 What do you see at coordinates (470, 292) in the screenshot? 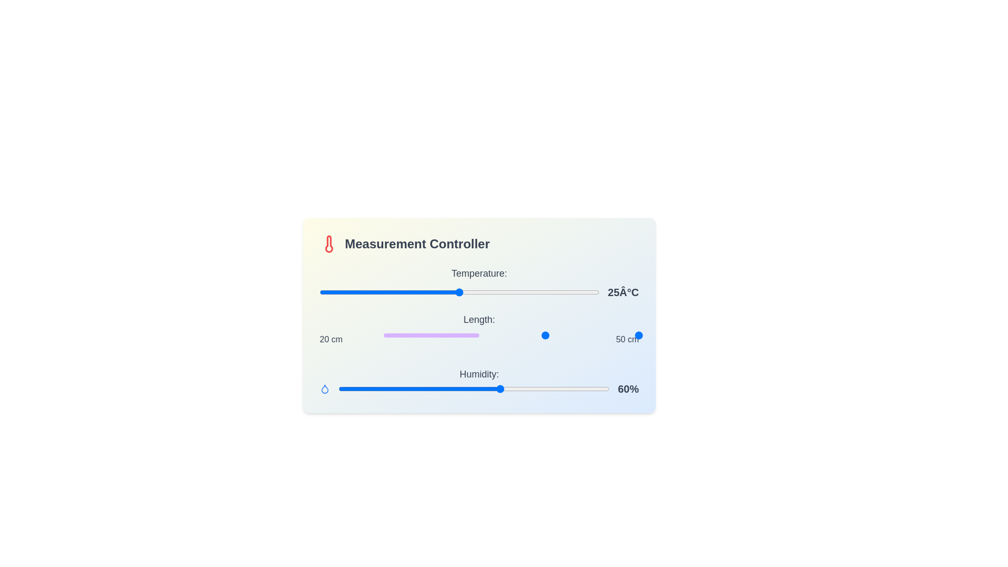
I see `the slider` at bounding box center [470, 292].